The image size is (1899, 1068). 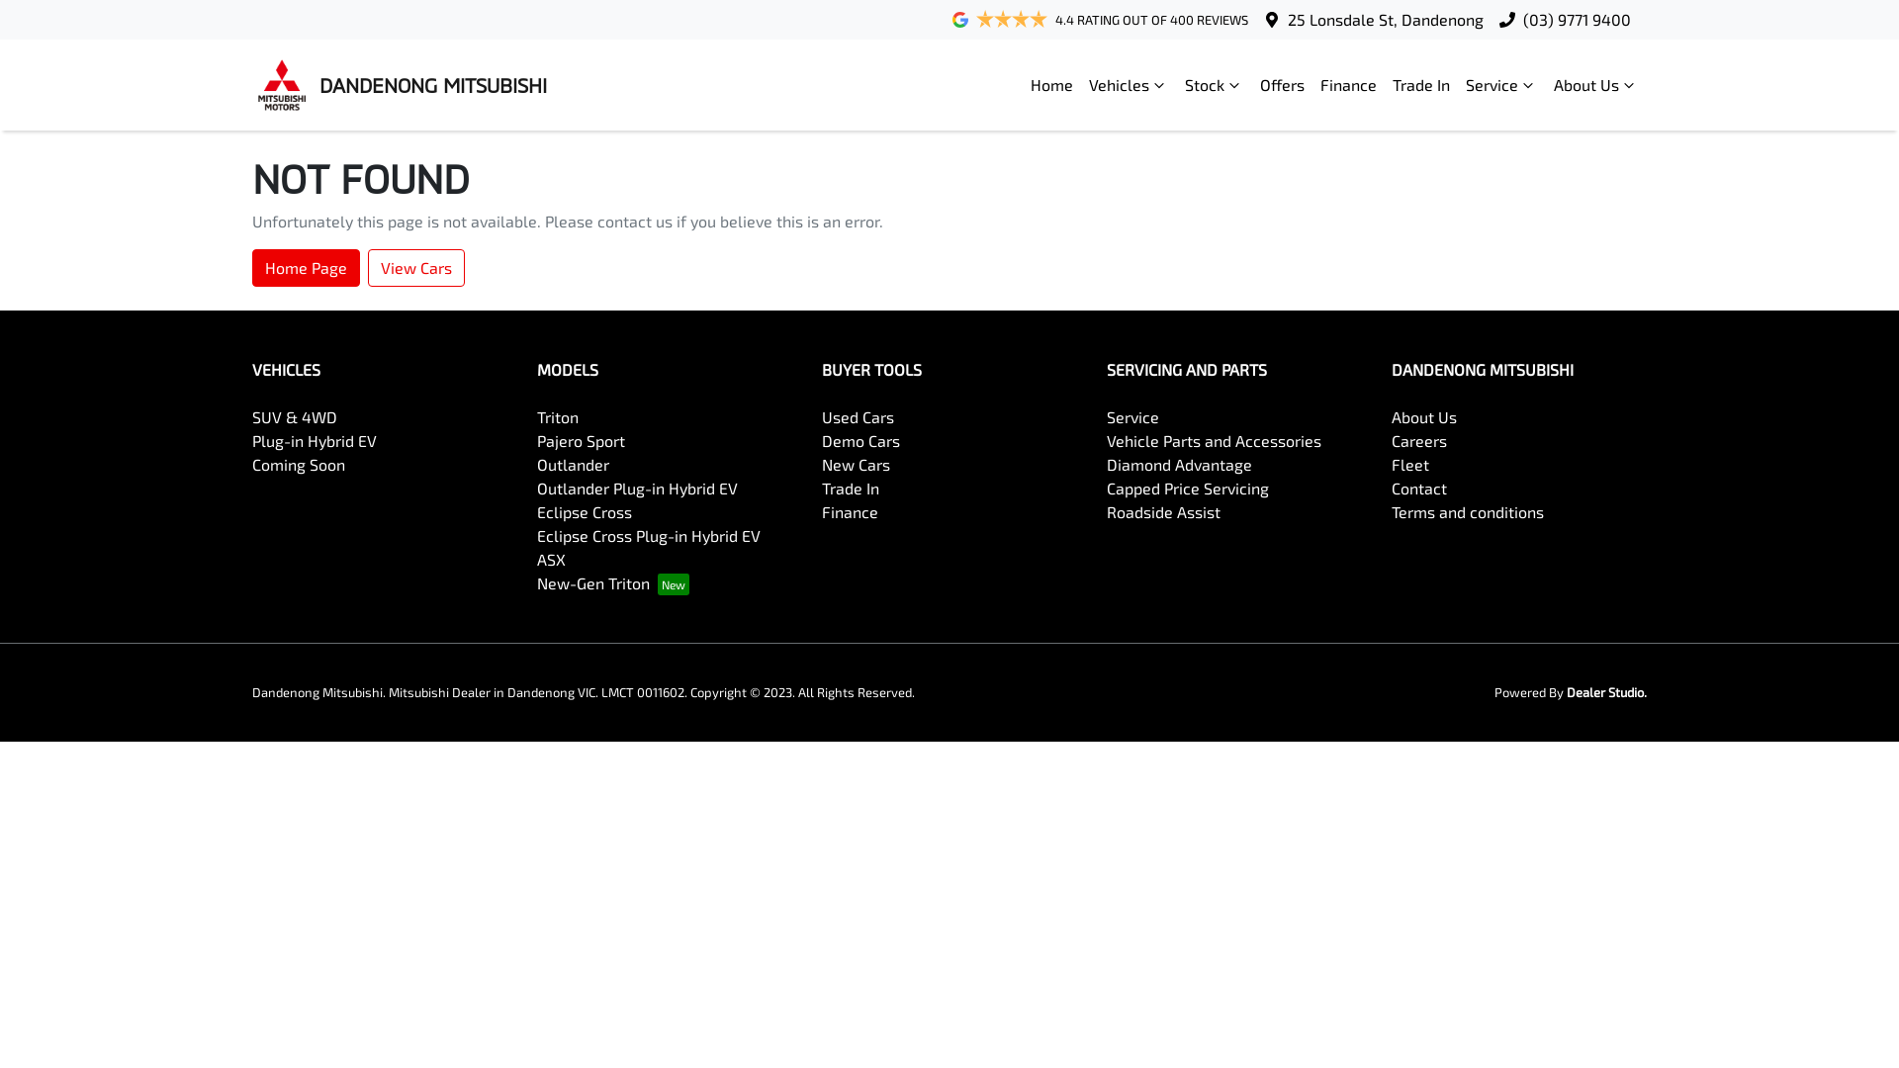 I want to click on 'Offers', so click(x=1282, y=83).